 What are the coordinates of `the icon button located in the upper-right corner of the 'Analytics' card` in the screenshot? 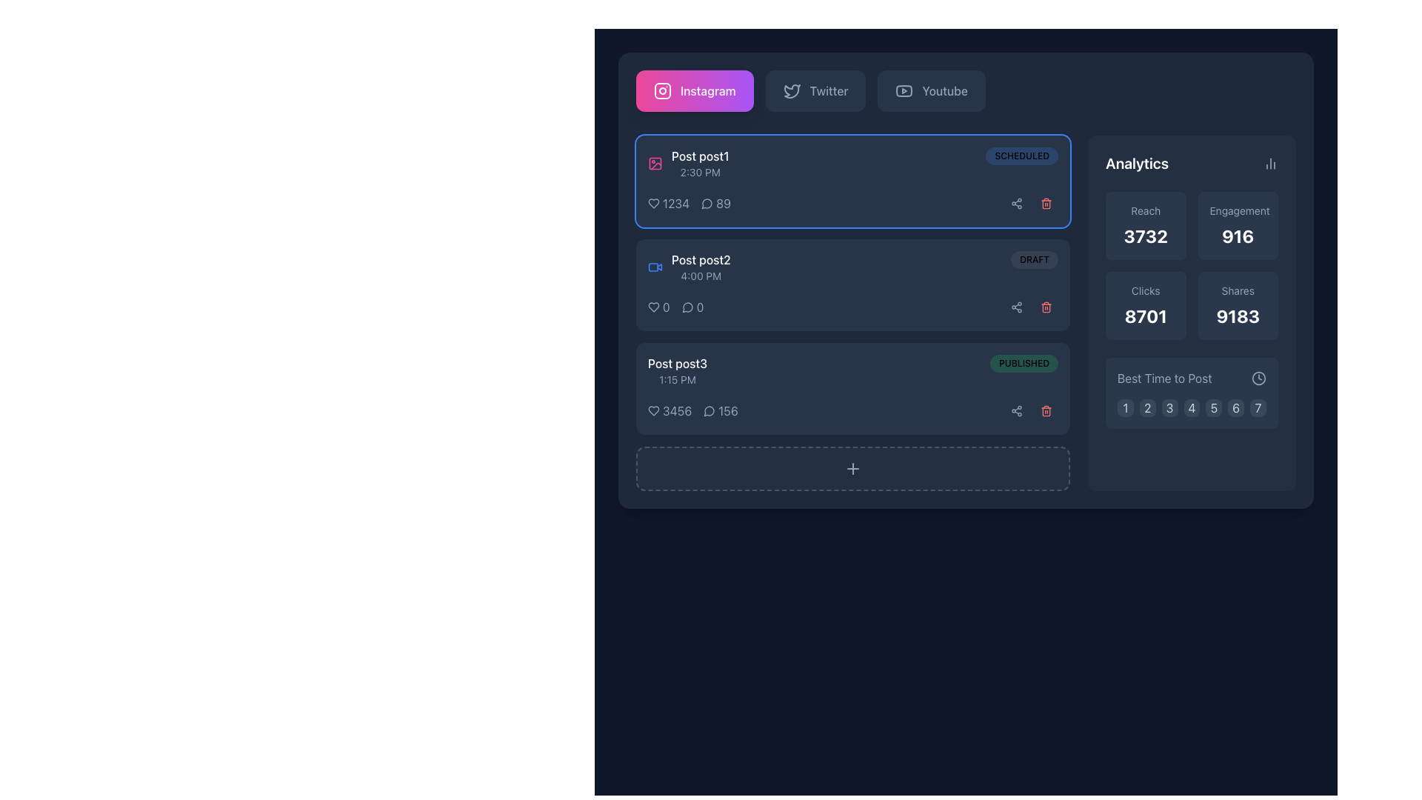 It's located at (1270, 163).